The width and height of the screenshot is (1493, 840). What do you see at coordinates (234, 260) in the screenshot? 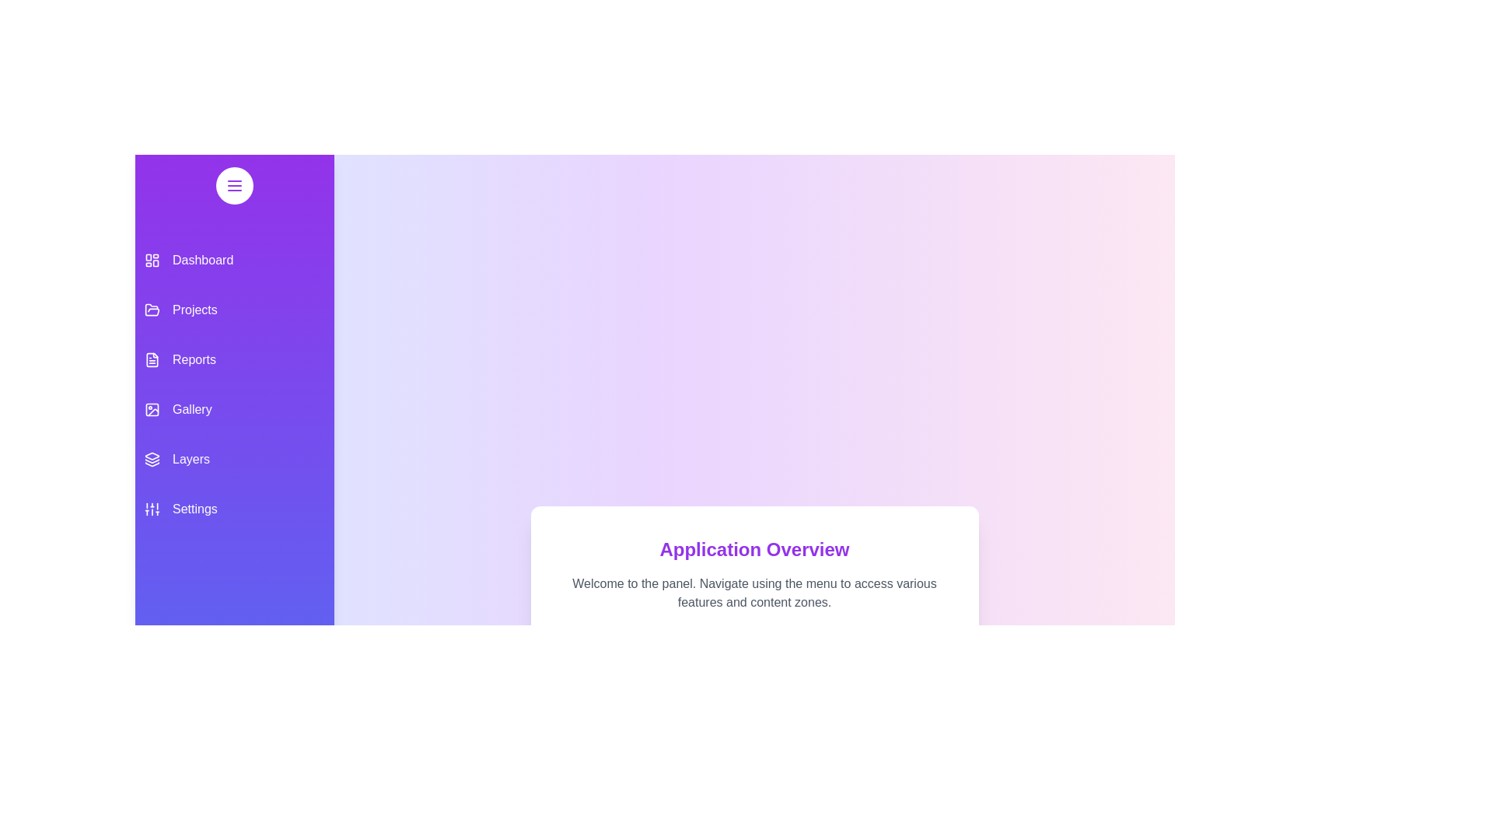
I see `the menu item corresponding to Dashboard` at bounding box center [234, 260].